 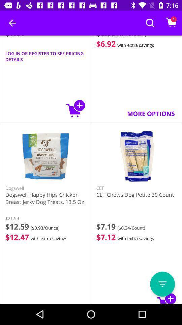 What do you see at coordinates (166, 297) in the screenshot?
I see `to cart` at bounding box center [166, 297].